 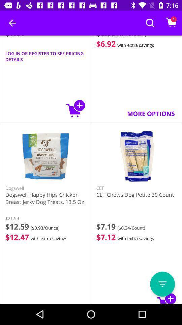 What do you see at coordinates (166, 297) in the screenshot?
I see `to cart` at bounding box center [166, 297].